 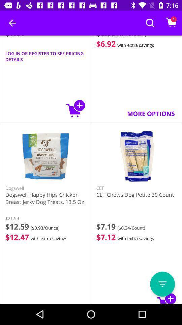 What do you see at coordinates (166, 297) in the screenshot?
I see `to cart` at bounding box center [166, 297].